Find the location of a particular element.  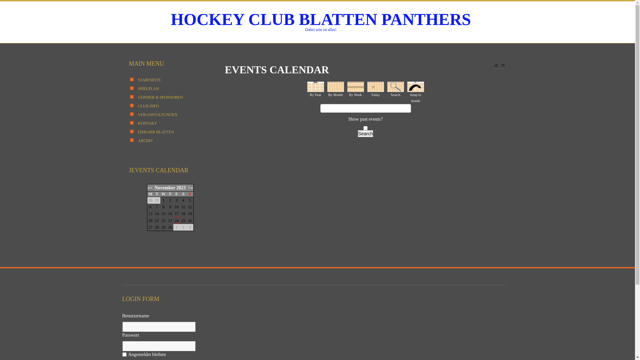

'2023' is located at coordinates (181, 188).